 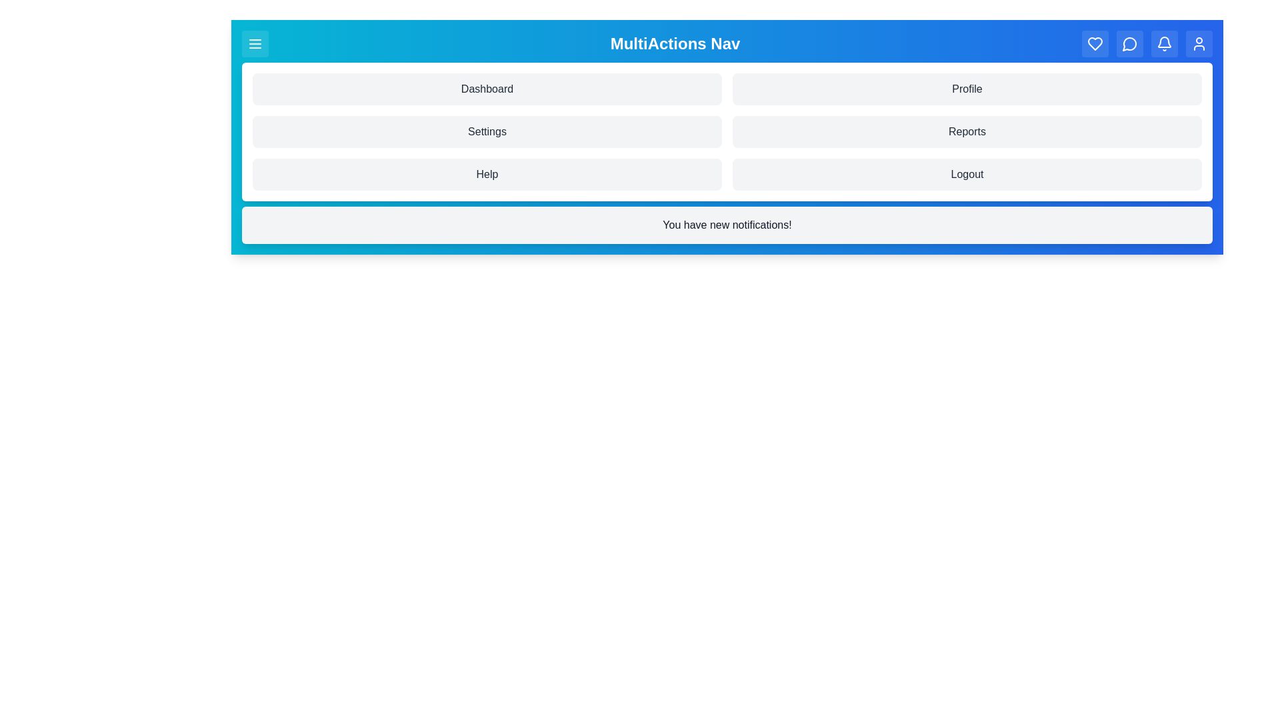 I want to click on the notification message area to interact with it, so click(x=726, y=225).